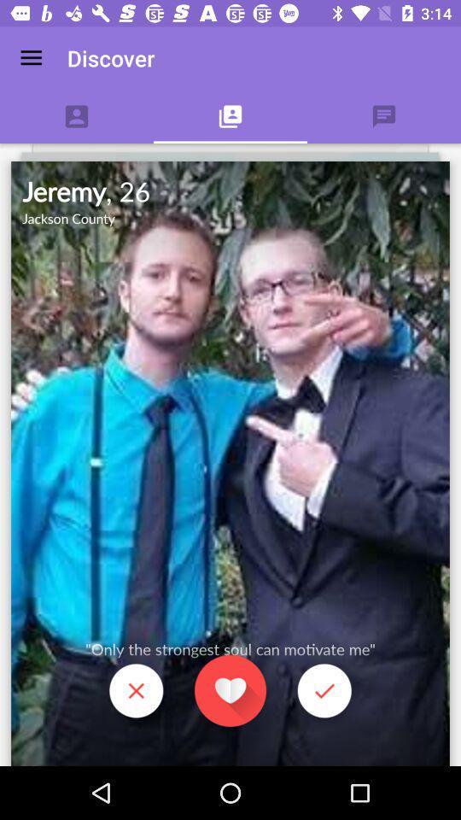 Image resolution: width=461 pixels, height=820 pixels. Describe the element at coordinates (324, 693) in the screenshot. I see `the check icon` at that location.